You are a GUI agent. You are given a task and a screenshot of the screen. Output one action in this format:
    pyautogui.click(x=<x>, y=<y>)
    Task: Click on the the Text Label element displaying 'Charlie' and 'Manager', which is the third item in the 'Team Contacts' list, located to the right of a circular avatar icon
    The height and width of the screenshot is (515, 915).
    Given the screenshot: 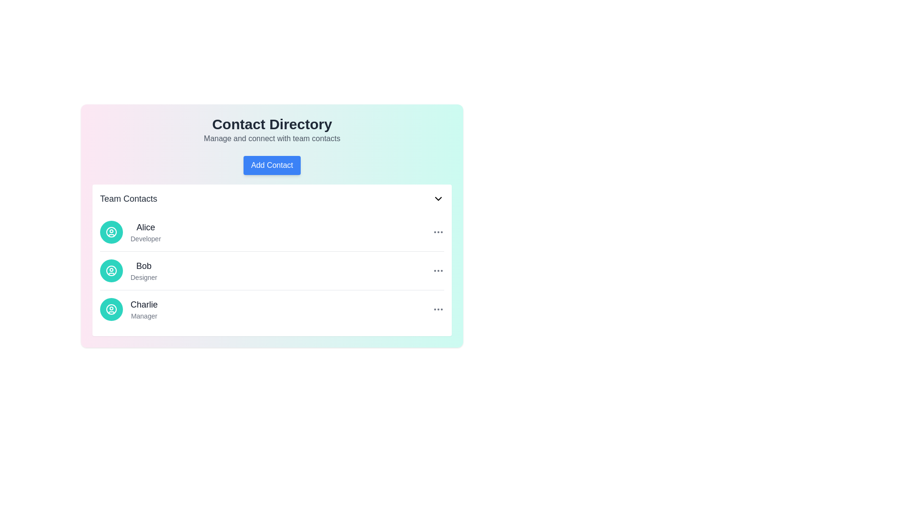 What is the action you would take?
    pyautogui.click(x=143, y=309)
    